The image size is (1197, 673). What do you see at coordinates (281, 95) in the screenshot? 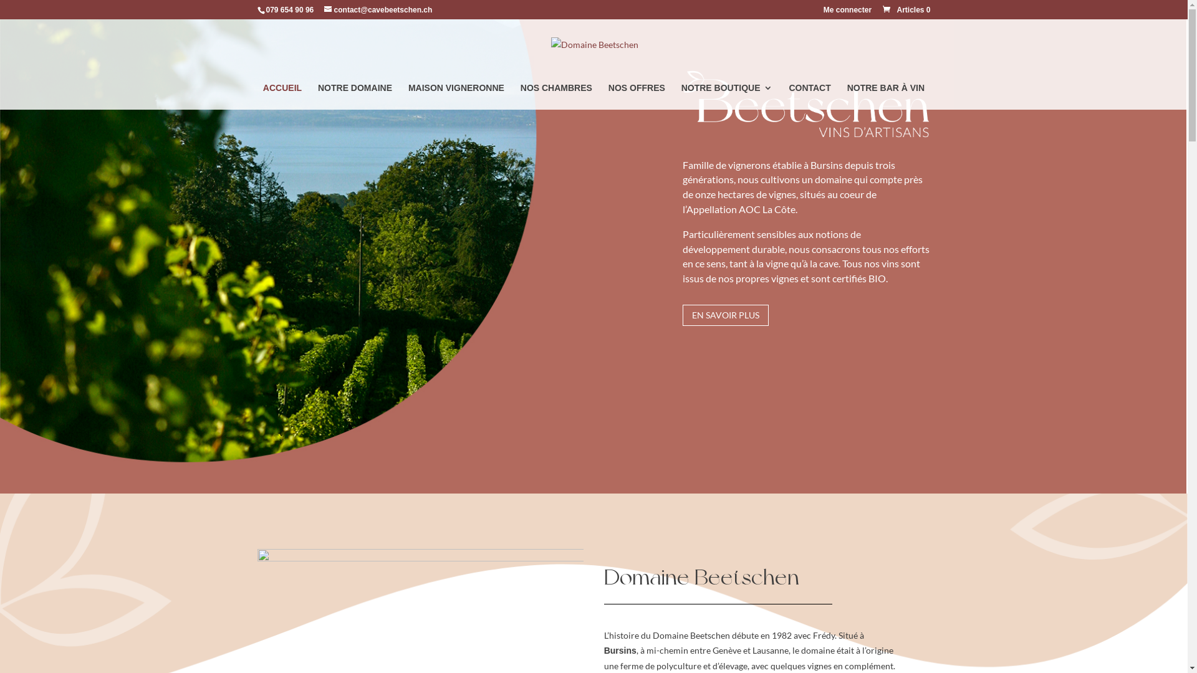
I see `'ACCUEIL'` at bounding box center [281, 95].